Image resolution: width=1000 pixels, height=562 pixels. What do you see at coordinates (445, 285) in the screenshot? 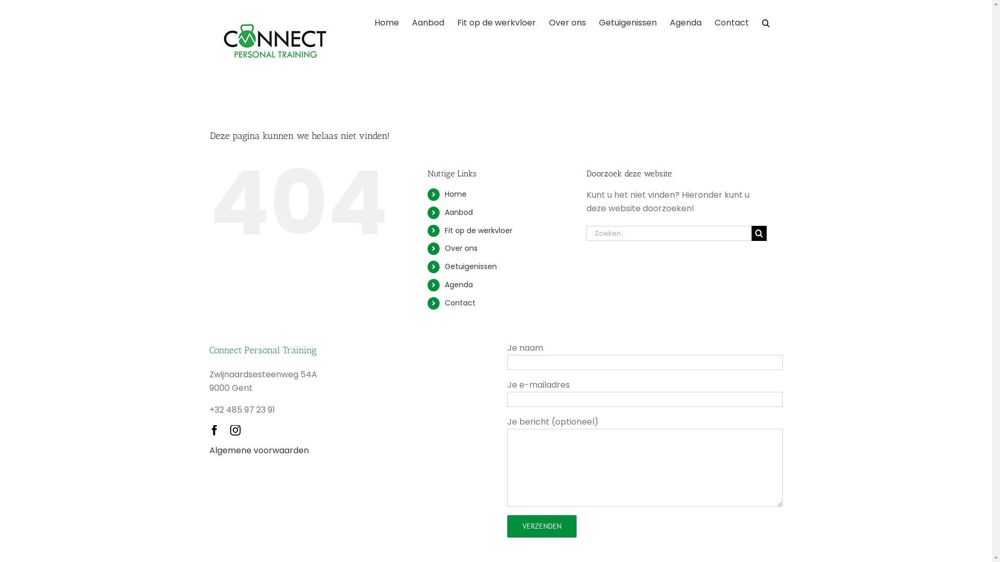
I see `'Agenda'` at bounding box center [445, 285].